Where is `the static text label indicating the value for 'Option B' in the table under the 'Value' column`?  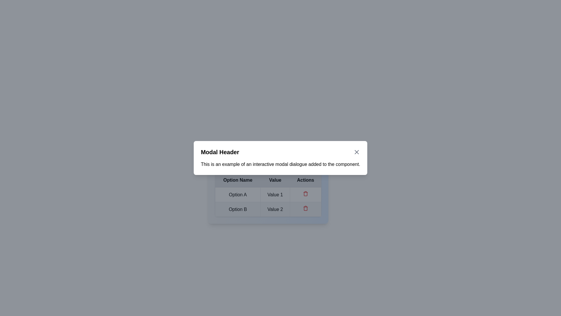 the static text label indicating the value for 'Option B' in the table under the 'Value' column is located at coordinates (275, 209).